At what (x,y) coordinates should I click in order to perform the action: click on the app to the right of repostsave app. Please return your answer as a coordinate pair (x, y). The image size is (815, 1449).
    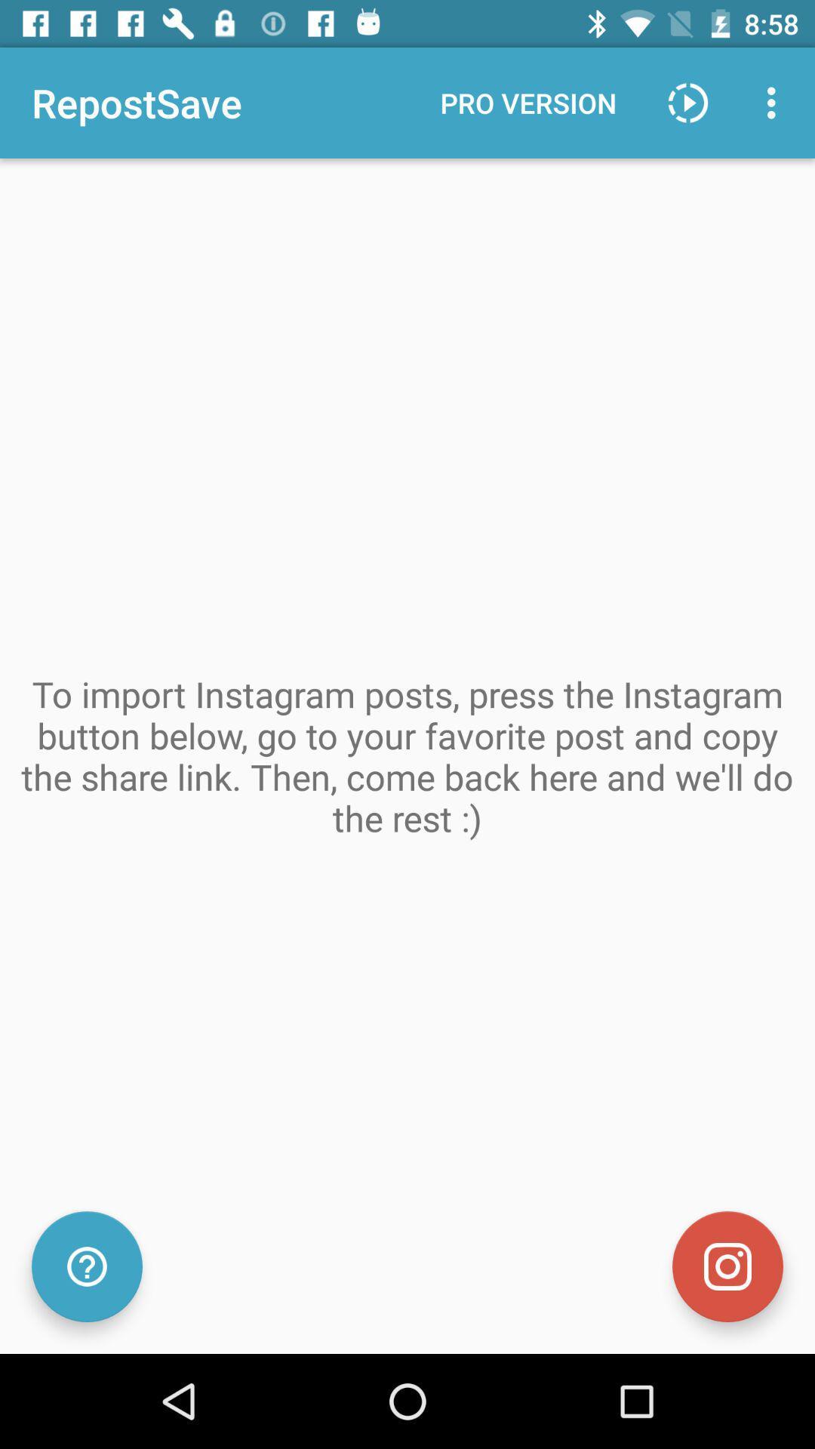
    Looking at the image, I should click on (527, 102).